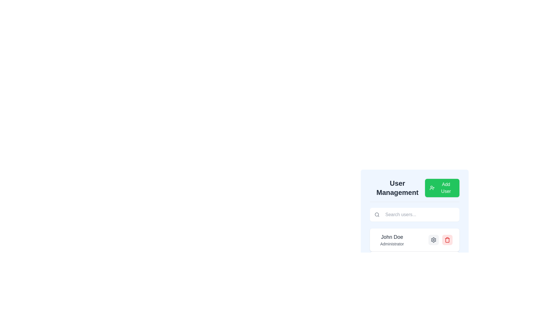 Image resolution: width=551 pixels, height=310 pixels. I want to click on the Text Label that serves as the title or heading for the user management section, located at the top-left of the card, adjacent to the 'Add User' button, so click(414, 190).